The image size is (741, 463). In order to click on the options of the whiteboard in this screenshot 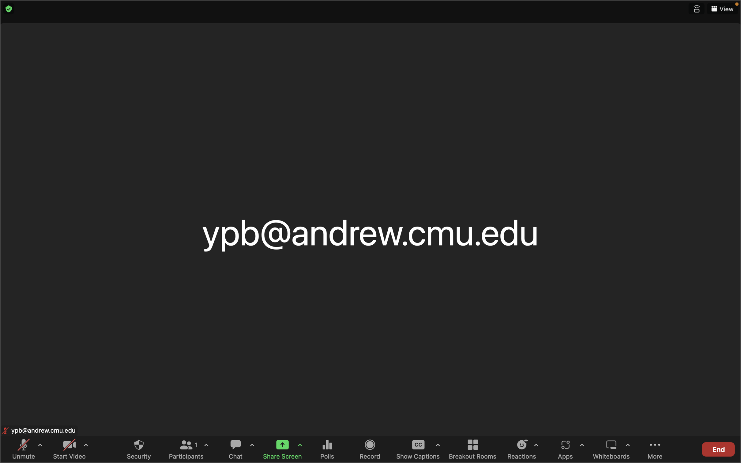, I will do `click(627, 449)`.